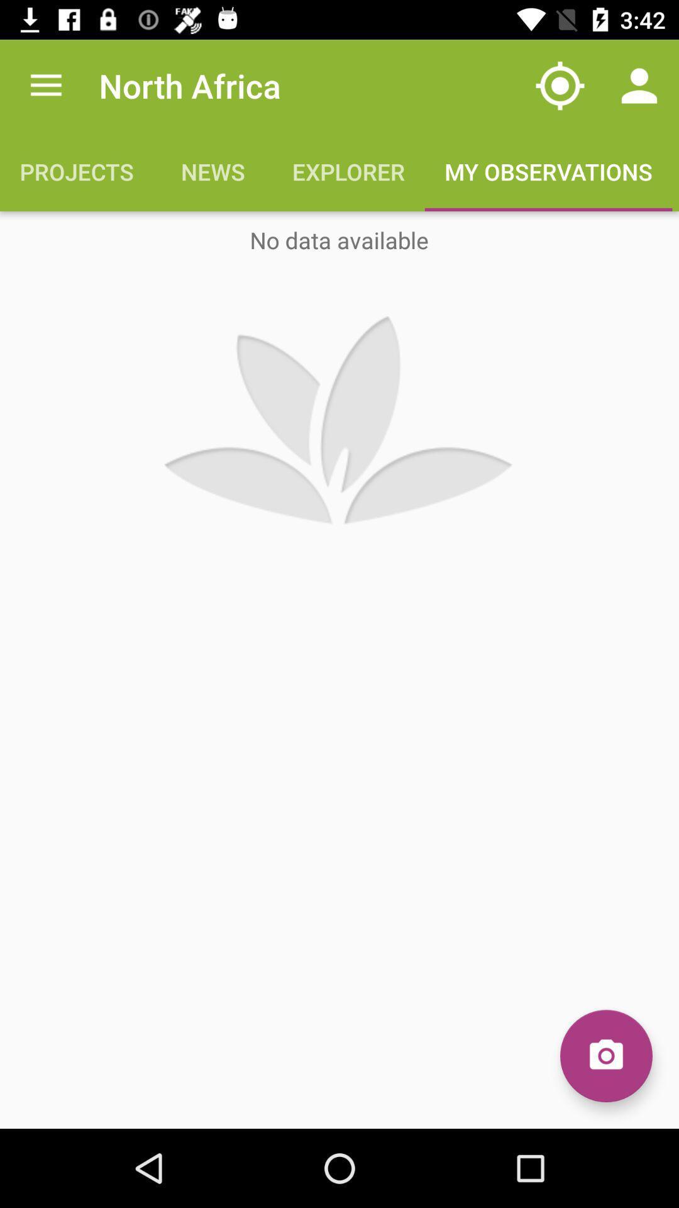 The width and height of the screenshot is (679, 1208). What do you see at coordinates (45, 85) in the screenshot?
I see `the item next to north africa app` at bounding box center [45, 85].